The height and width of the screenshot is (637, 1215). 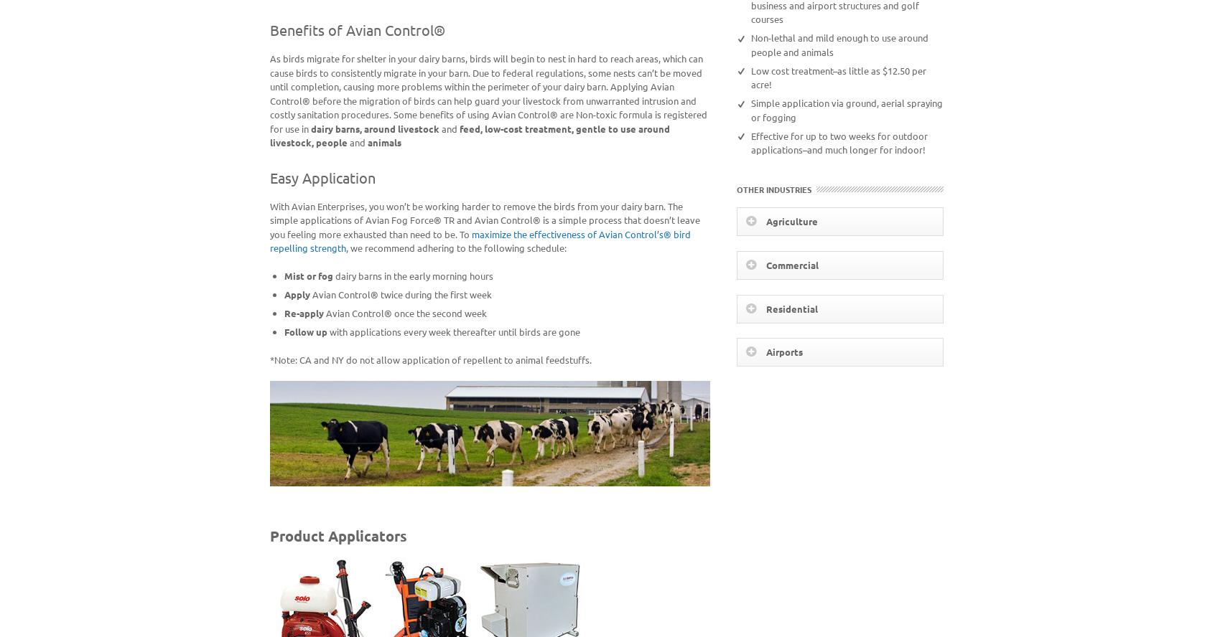 I want to click on 'Low cost treatment–as little as $12.50 per acre!', so click(x=749, y=76).